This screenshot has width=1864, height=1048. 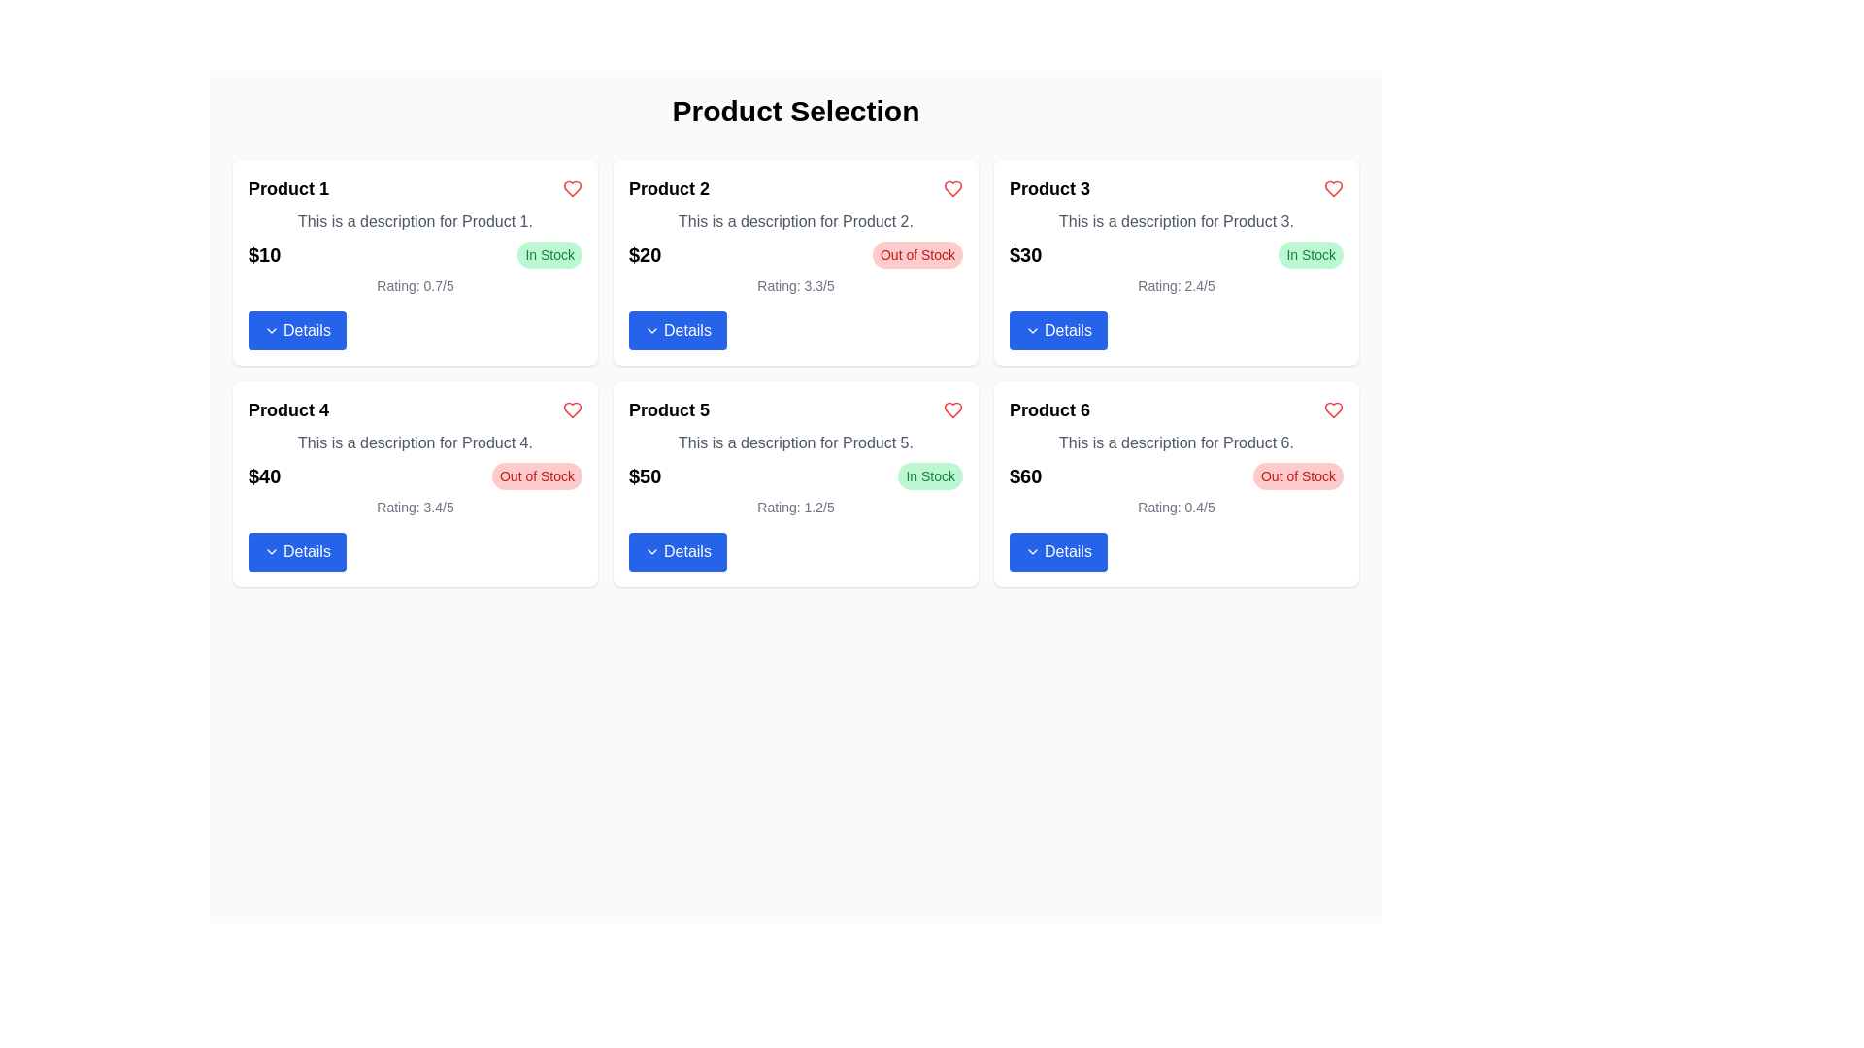 What do you see at coordinates (287, 189) in the screenshot?
I see `bold, large-sized text label displaying 'Product 1' located in the upper-left section of the card layout` at bounding box center [287, 189].